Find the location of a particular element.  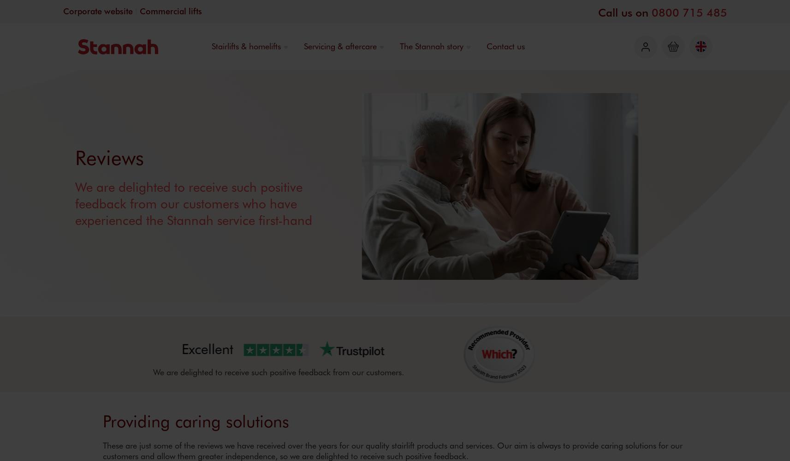

'Reviews' is located at coordinates (109, 156).